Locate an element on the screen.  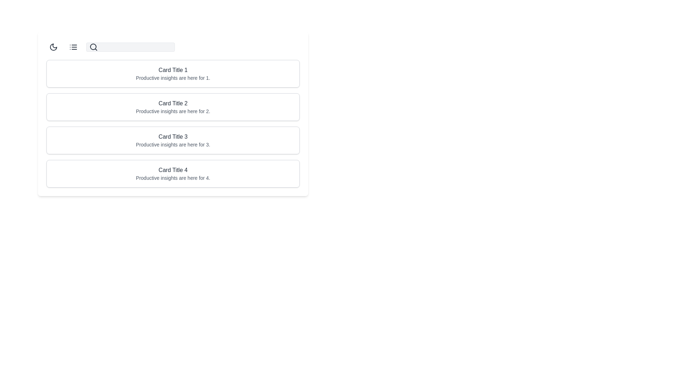
the text label 'Card Title 3' which is displayed in bold and dark font at the top of the card component is located at coordinates (173, 137).